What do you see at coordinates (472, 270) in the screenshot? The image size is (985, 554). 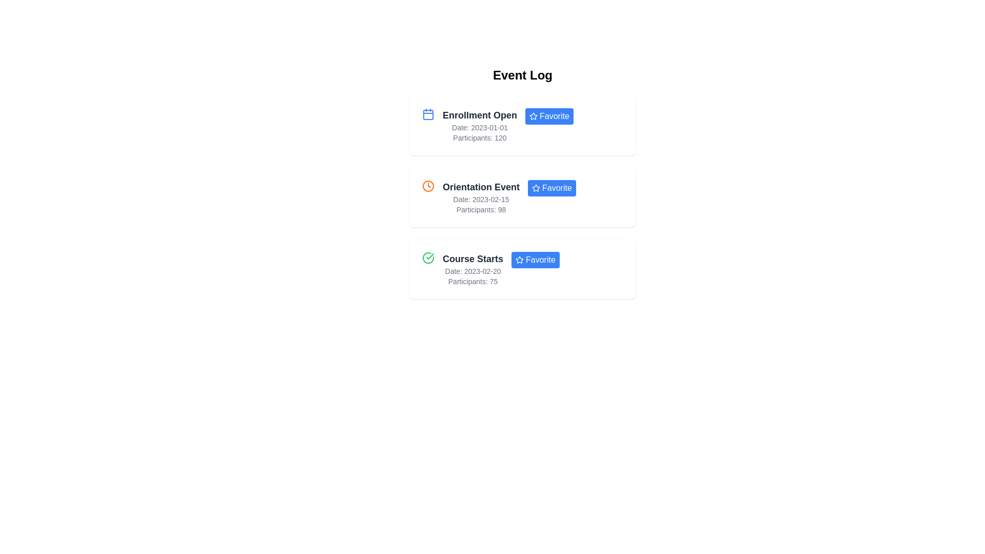 I see `the informational text display that conveys the date associated with the 'Course Starts' event, located in the third event box at the specified coordinates` at bounding box center [472, 270].